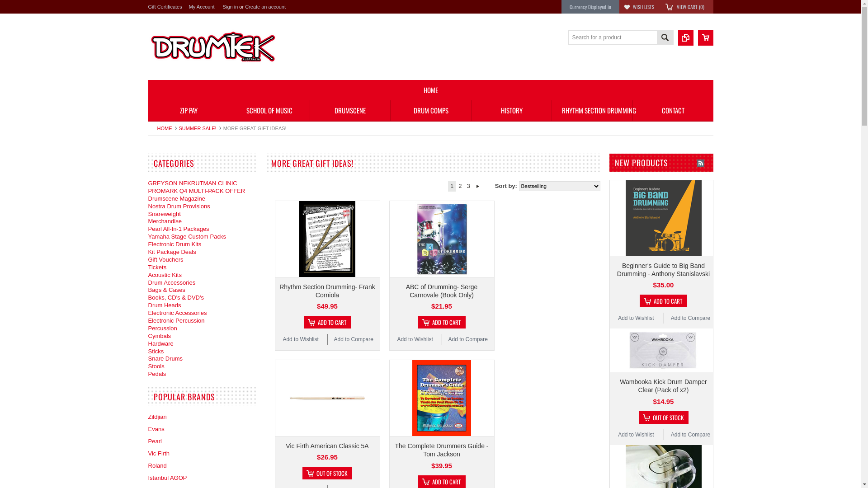  Describe the element at coordinates (155, 441) in the screenshot. I see `'Pearl'` at that location.